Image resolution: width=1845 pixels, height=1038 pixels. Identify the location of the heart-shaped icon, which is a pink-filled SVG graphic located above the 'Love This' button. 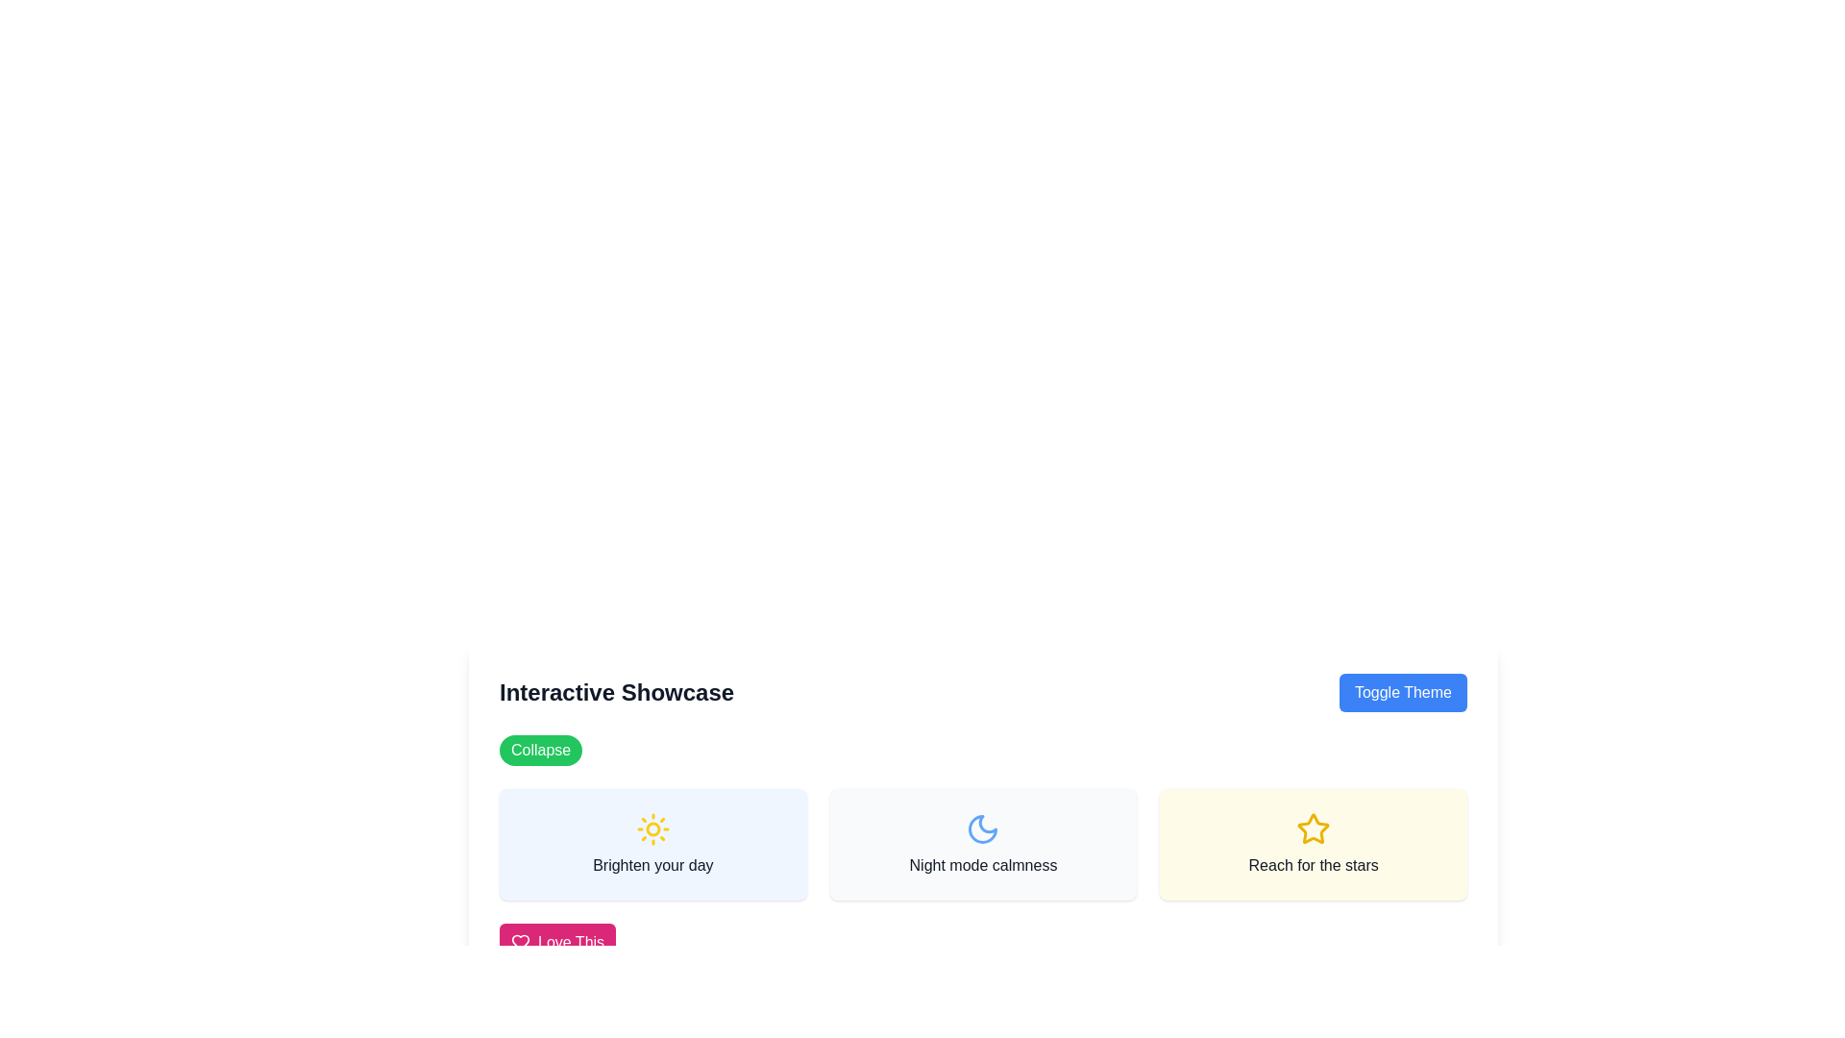
(521, 941).